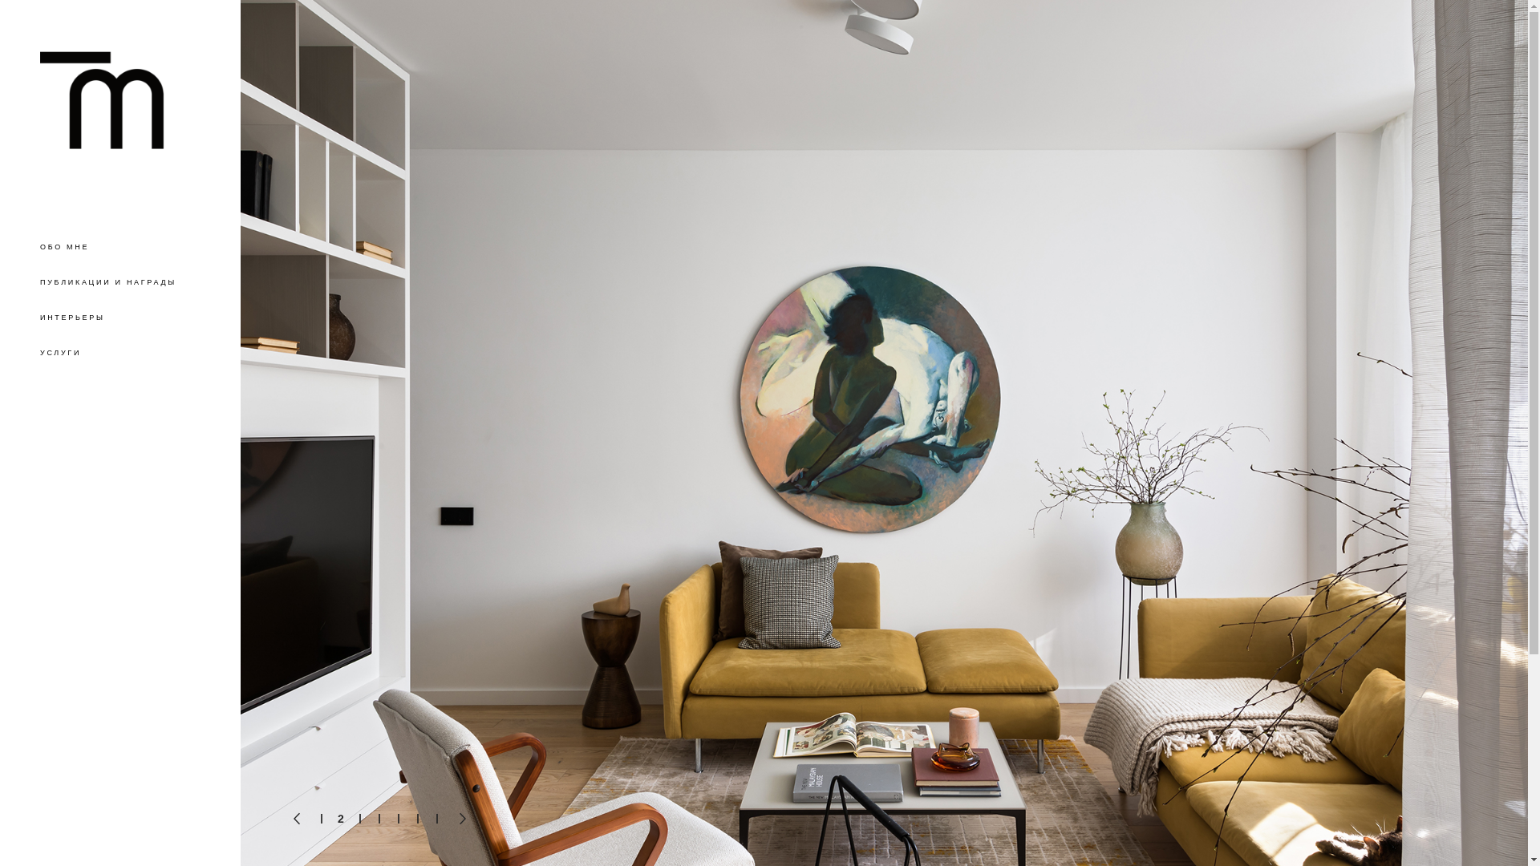 The width and height of the screenshot is (1540, 866). I want to click on '1', so click(321, 819).